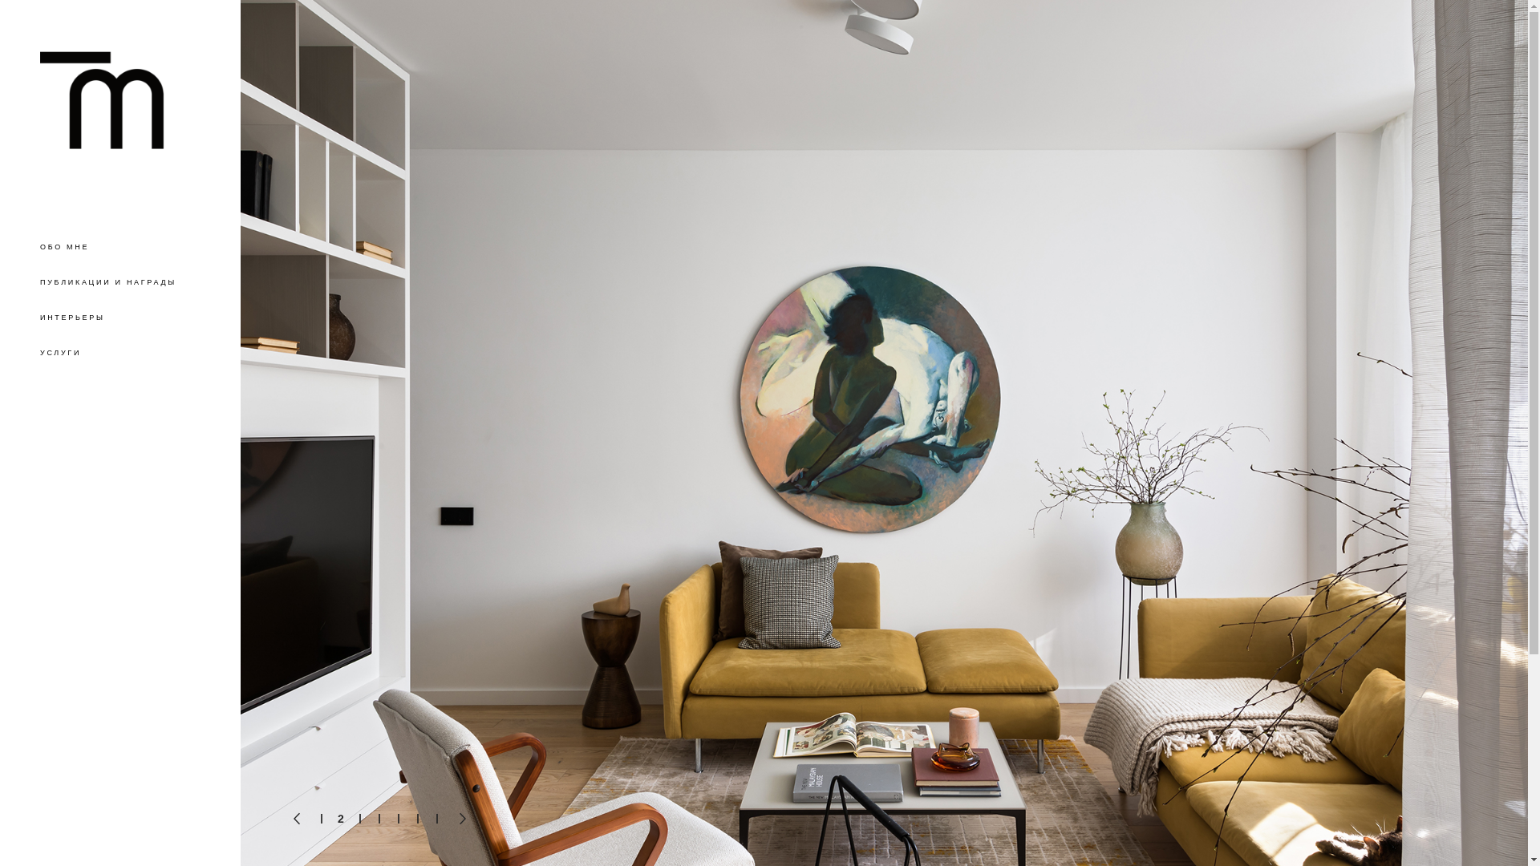 The width and height of the screenshot is (1540, 866). I want to click on '1', so click(321, 819).